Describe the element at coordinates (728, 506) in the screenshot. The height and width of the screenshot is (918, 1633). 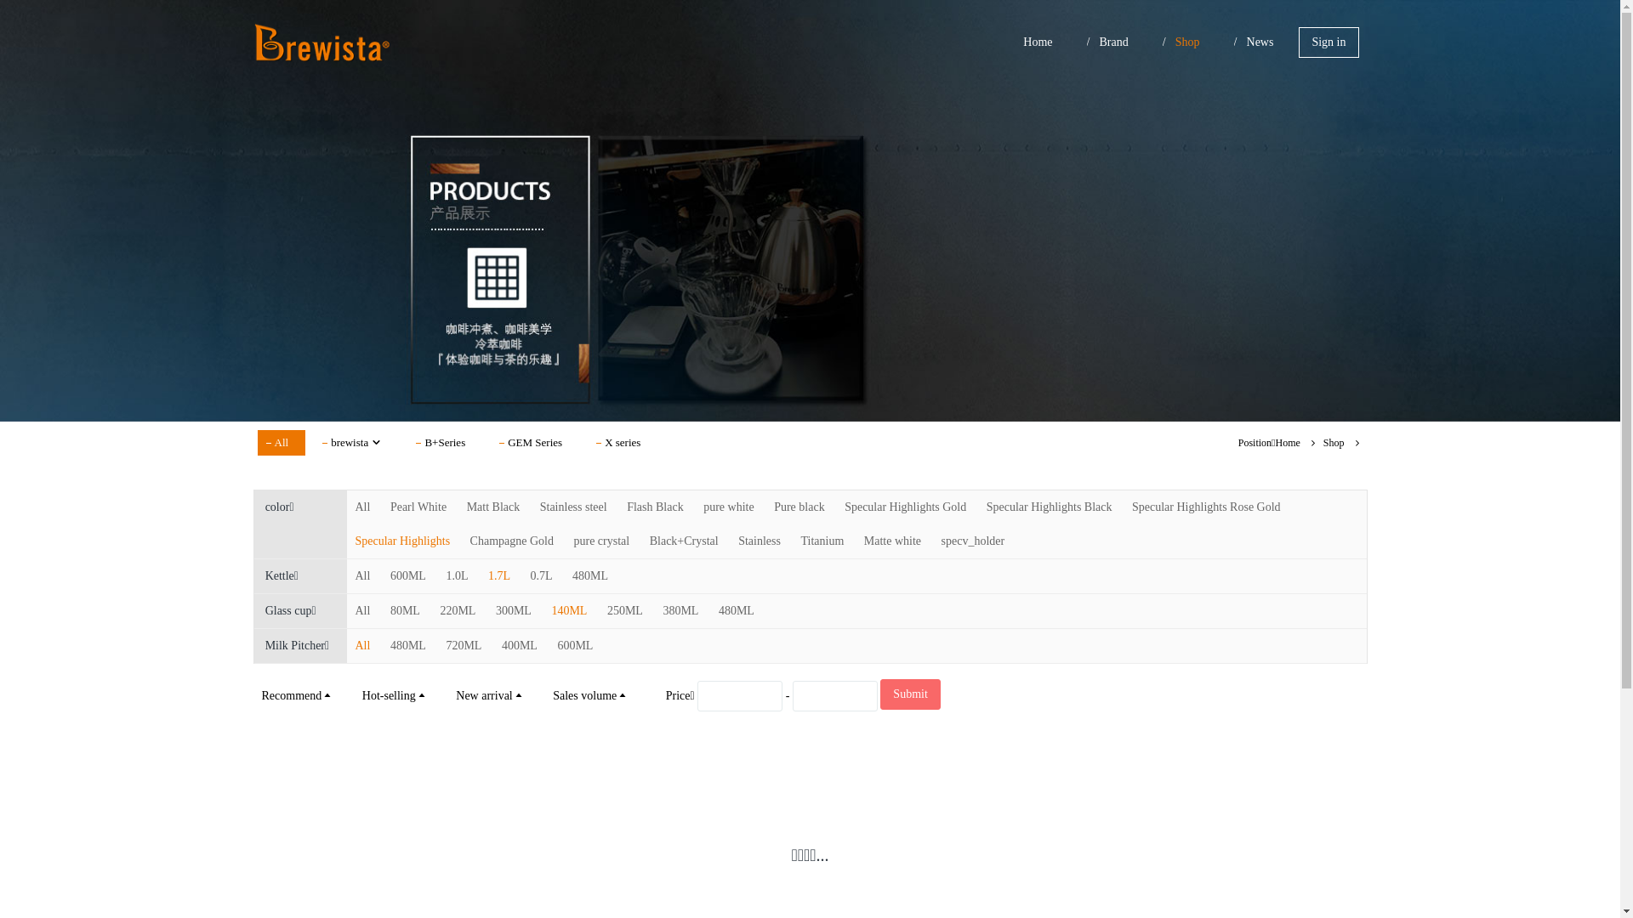
I see `'pure white'` at that location.